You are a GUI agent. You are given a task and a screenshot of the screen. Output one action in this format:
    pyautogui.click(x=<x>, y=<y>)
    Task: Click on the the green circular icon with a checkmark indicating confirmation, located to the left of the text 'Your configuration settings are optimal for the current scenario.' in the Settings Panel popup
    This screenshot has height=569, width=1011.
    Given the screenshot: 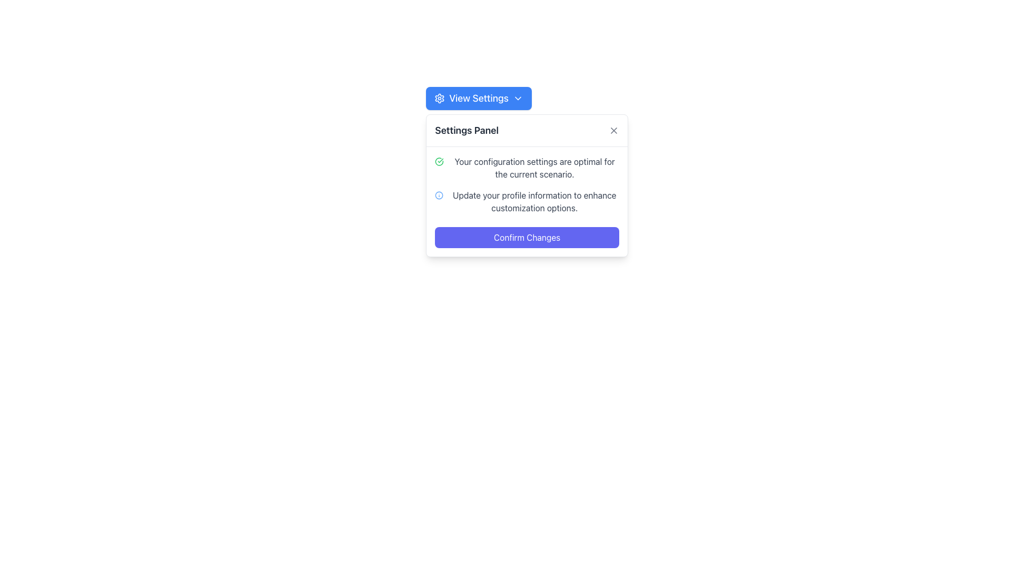 What is the action you would take?
    pyautogui.click(x=439, y=162)
    